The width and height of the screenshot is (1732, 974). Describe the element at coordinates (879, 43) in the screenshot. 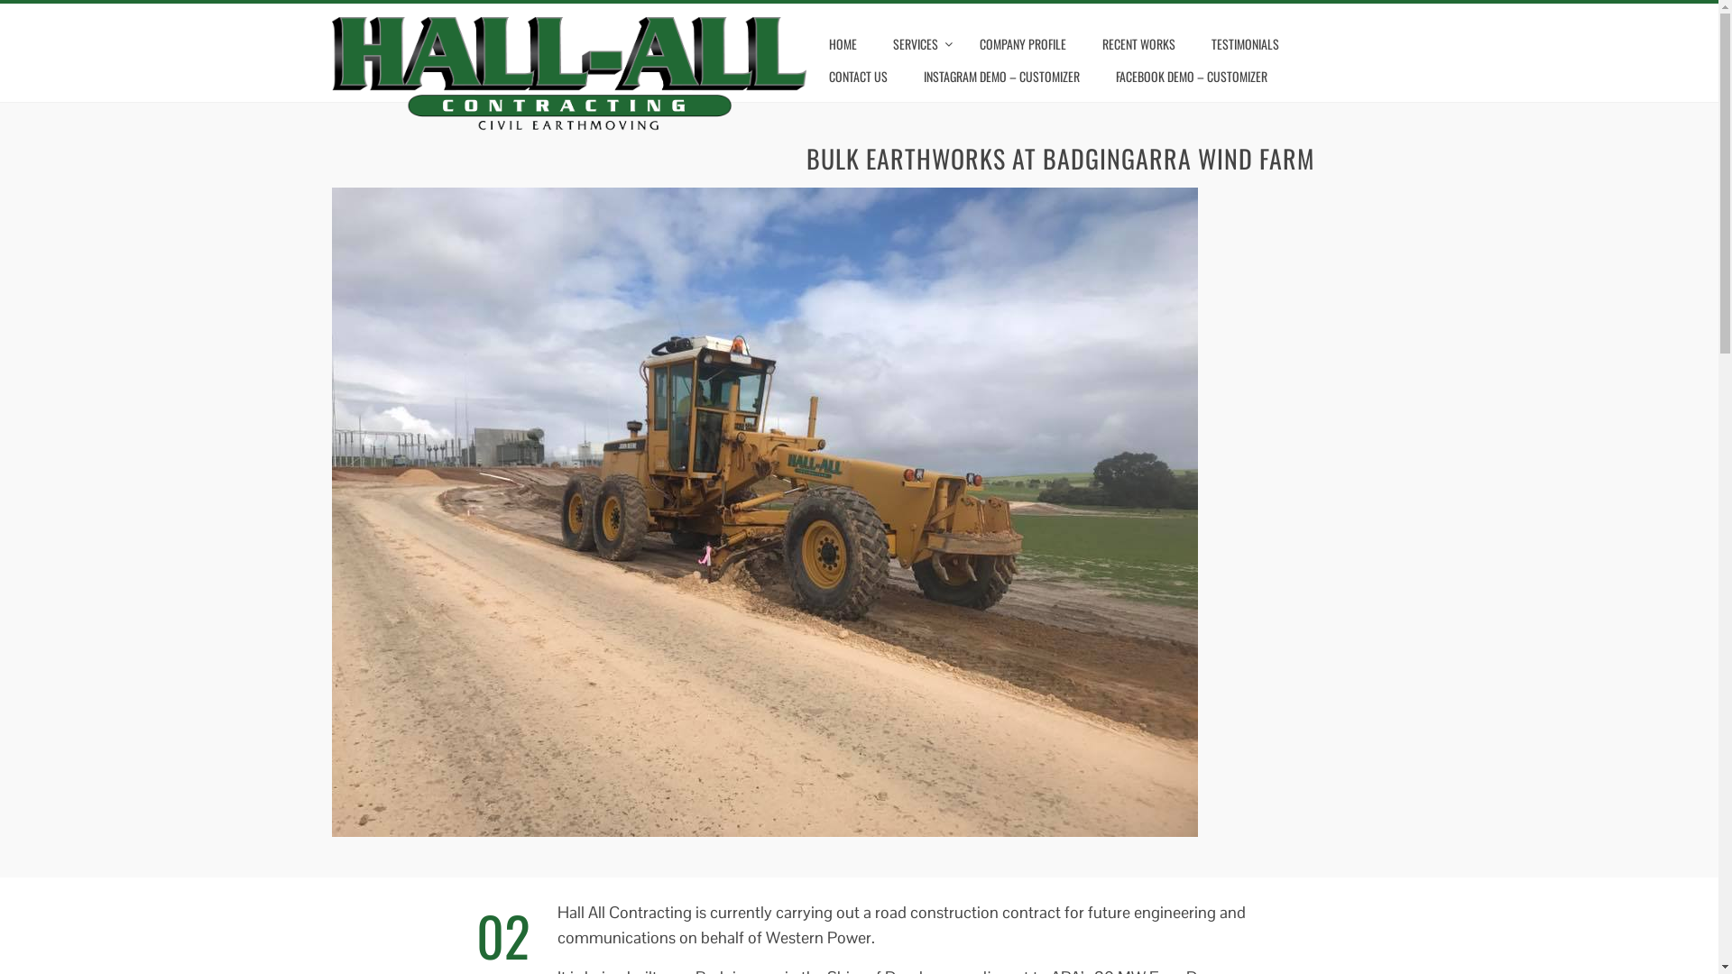

I see `'SERVICES'` at that location.